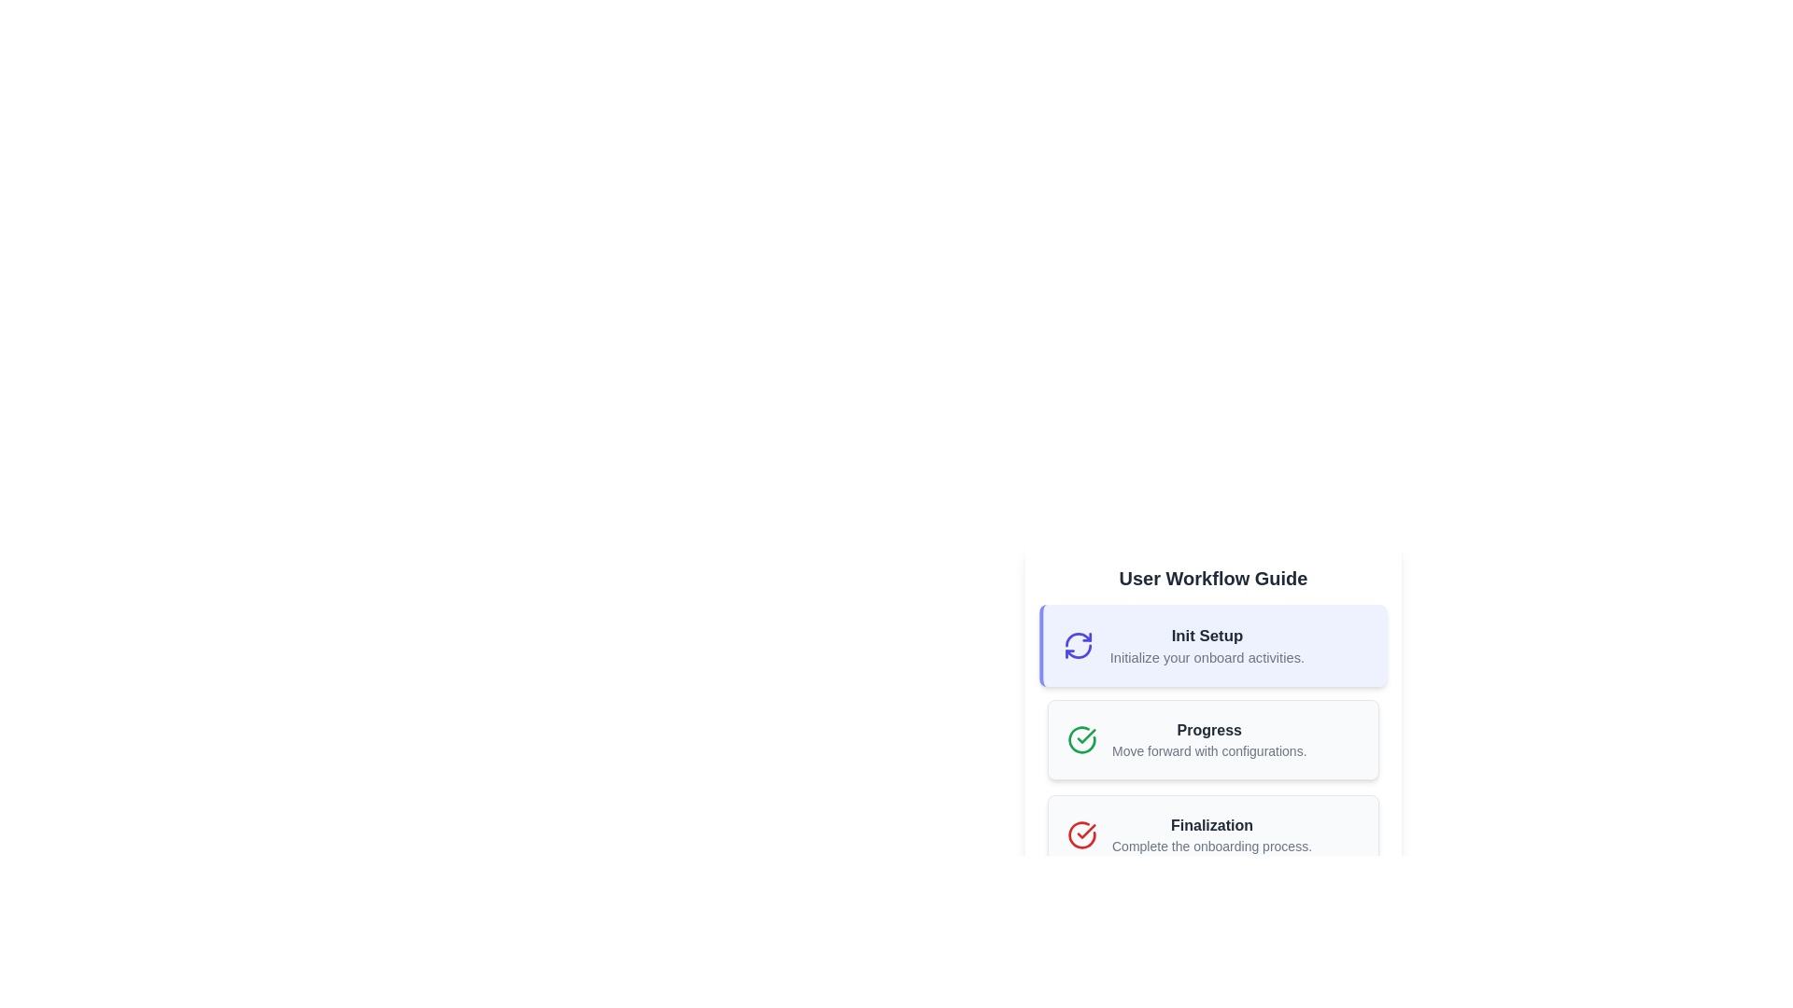 The height and width of the screenshot is (1008, 1793). Describe the element at coordinates (1212, 833) in the screenshot. I see `the text label element titled 'Finalization'` at that location.